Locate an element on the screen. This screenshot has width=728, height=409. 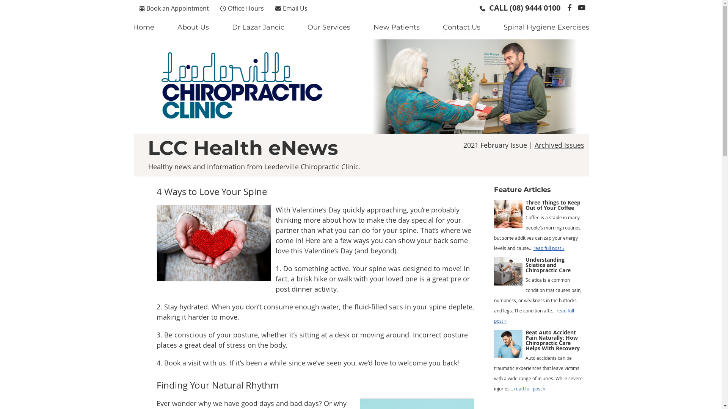
'youtube social button' is located at coordinates (580, 7).